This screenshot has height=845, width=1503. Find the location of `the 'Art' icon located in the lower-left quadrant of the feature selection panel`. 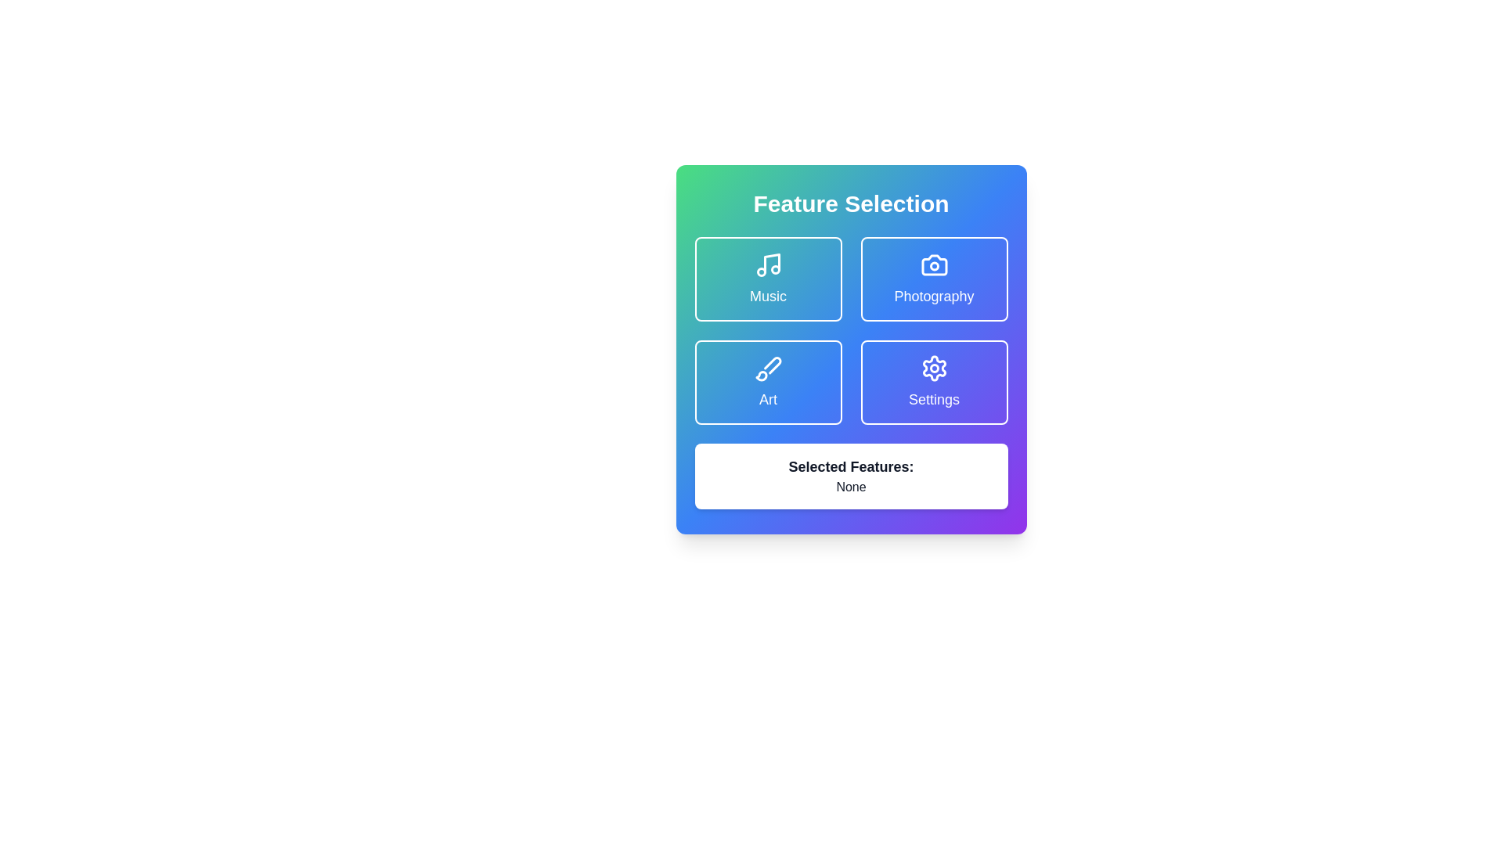

the 'Art' icon located in the lower-left quadrant of the feature selection panel is located at coordinates (768, 368).